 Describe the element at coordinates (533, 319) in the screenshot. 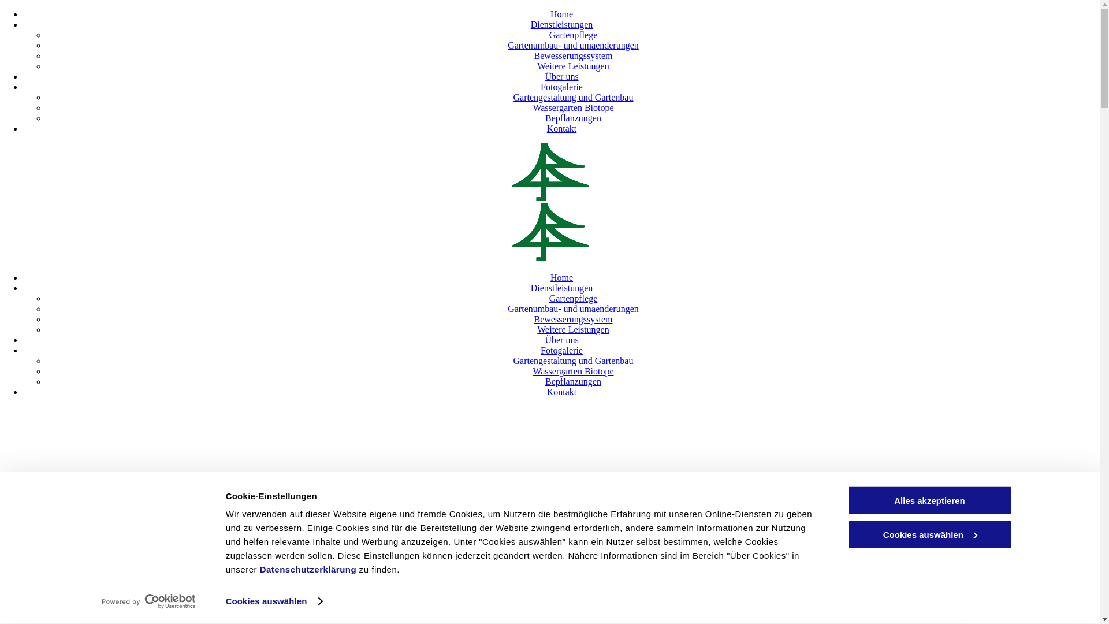

I see `'Bewesserungssystem'` at that location.